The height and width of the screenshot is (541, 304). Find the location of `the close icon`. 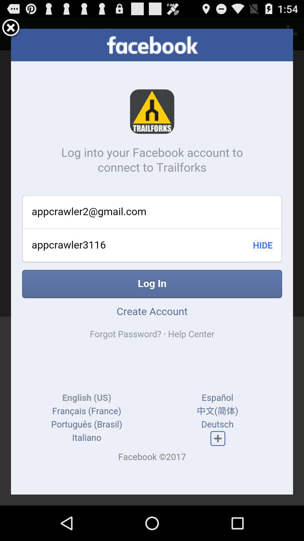

the close icon is located at coordinates (11, 30).